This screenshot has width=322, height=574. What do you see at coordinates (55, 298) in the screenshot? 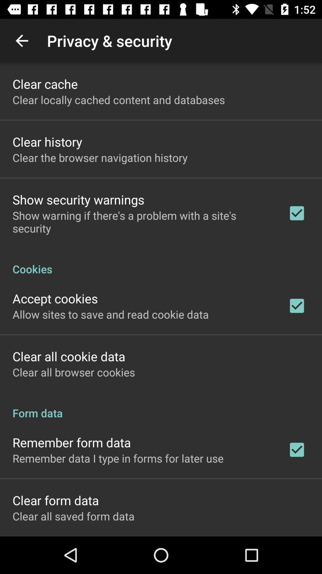
I see `the app below cookies app` at bounding box center [55, 298].